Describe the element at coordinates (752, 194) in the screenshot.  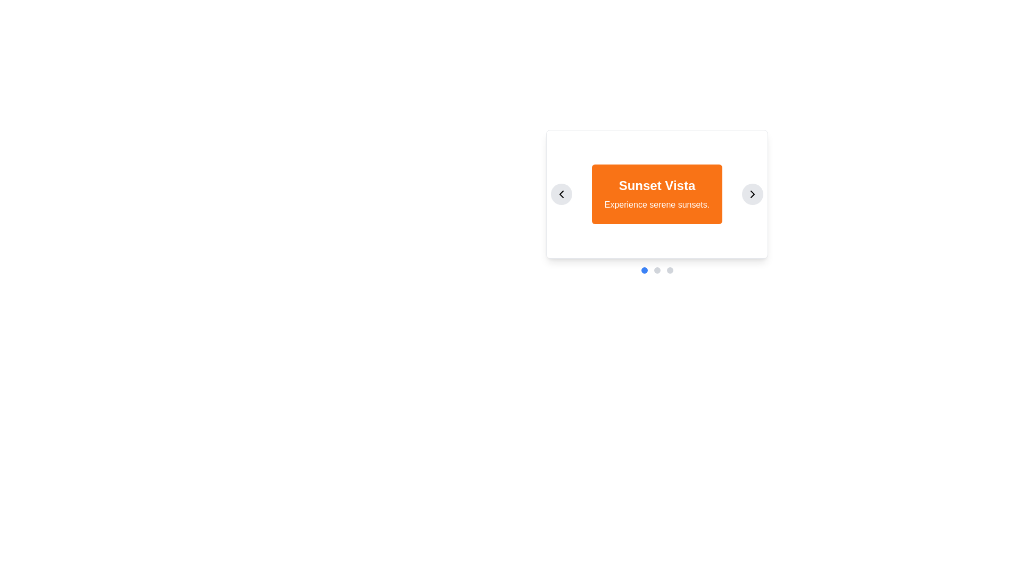
I see `the Navigation icon (SVG-based) that allows users to advance to the next item in the carousel, located near the right edge of the carousel UI` at that location.